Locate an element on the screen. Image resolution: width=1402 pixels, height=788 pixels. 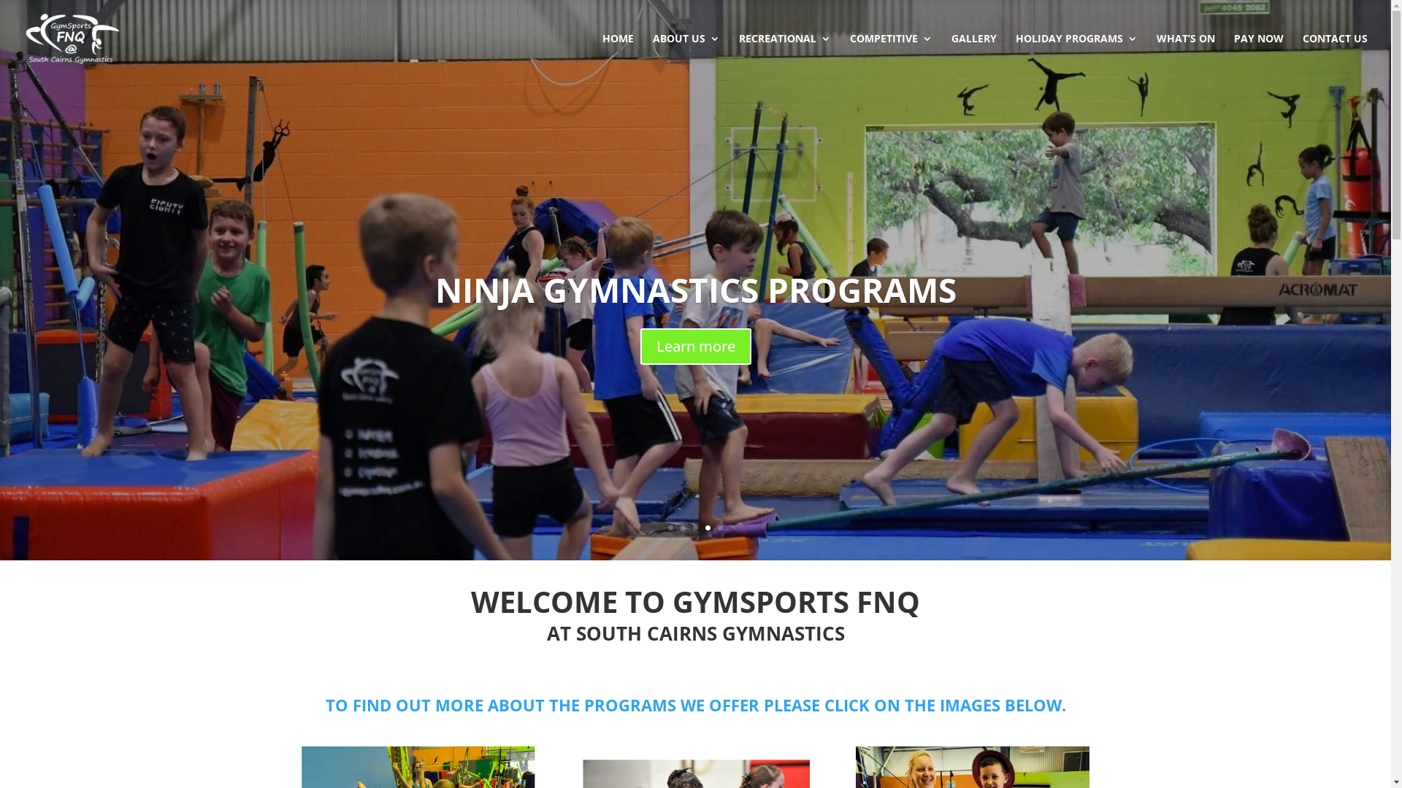
'Learn more' is located at coordinates (694, 346).